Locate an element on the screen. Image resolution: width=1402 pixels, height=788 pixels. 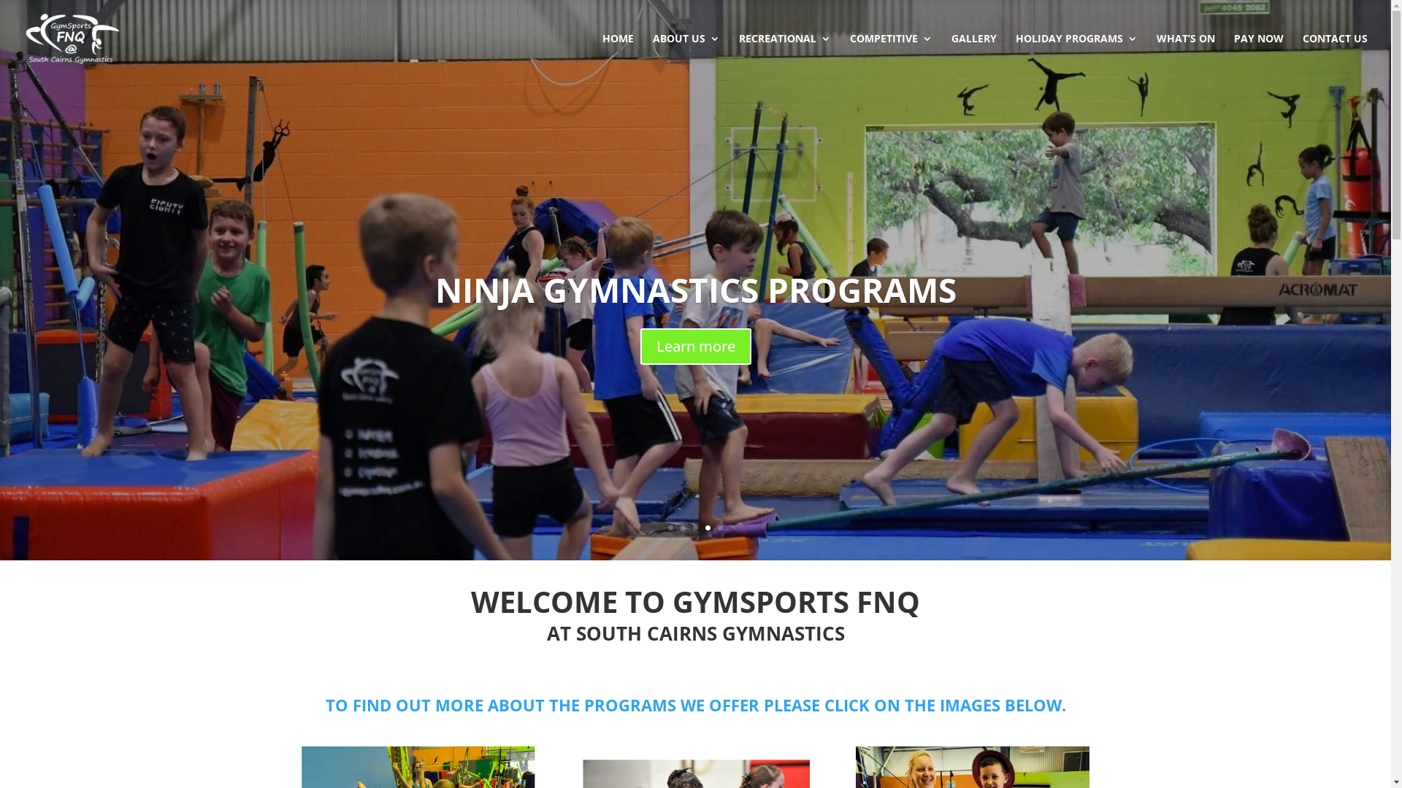
'Learn more' is located at coordinates (694, 346).